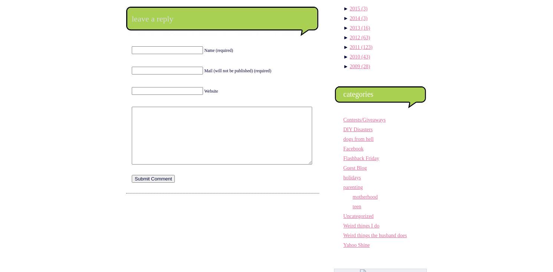 The image size is (553, 272). I want to click on '2013', so click(355, 28).